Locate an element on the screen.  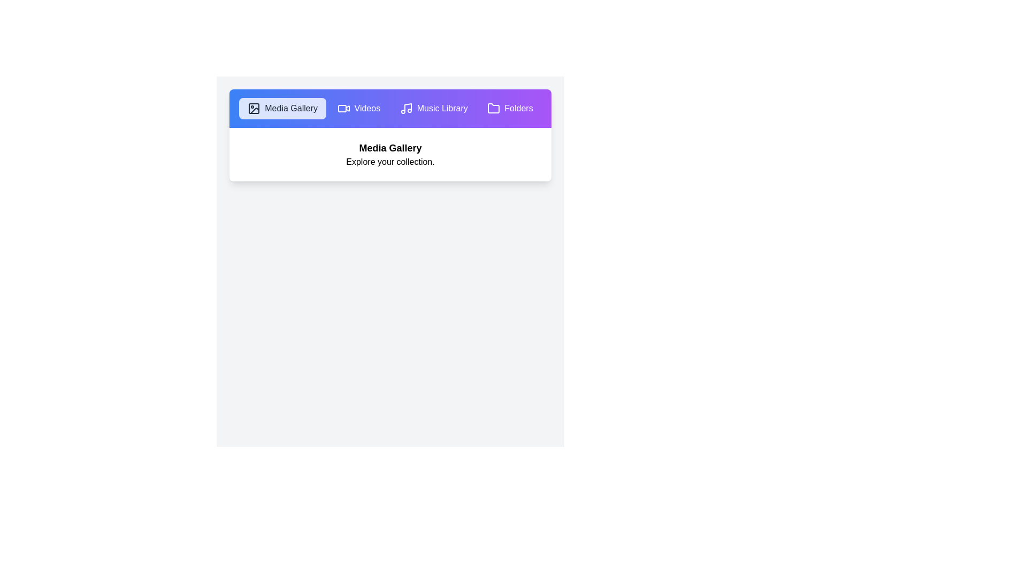
the 'Media Gallery' button, which is a text label displaying 'Media Gallery' within a light blue button-like structure located on the top left of a horizontal menu bar is located at coordinates (291, 109).